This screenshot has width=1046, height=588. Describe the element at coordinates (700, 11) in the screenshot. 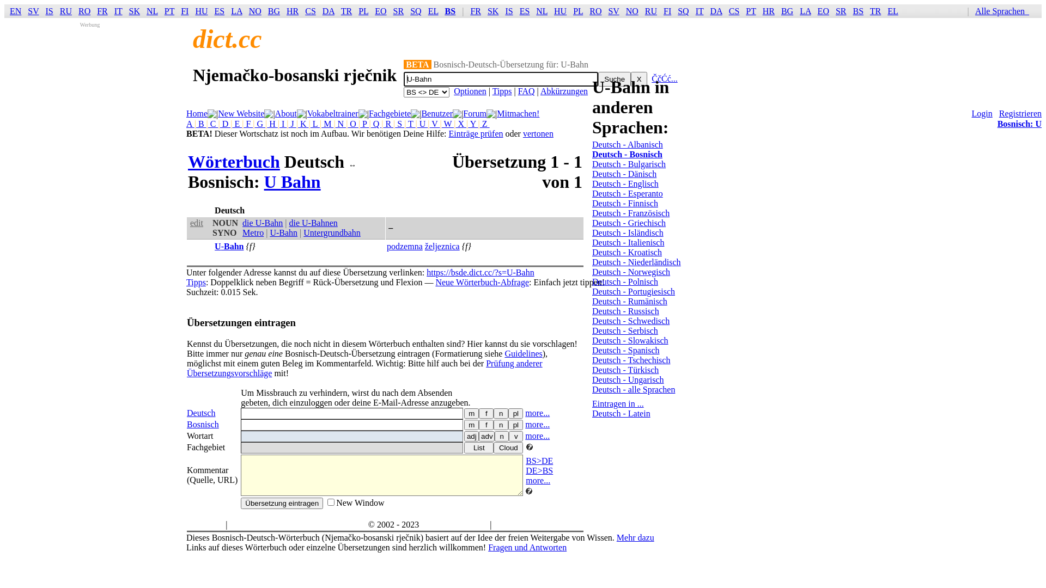

I see `'IT'` at that location.